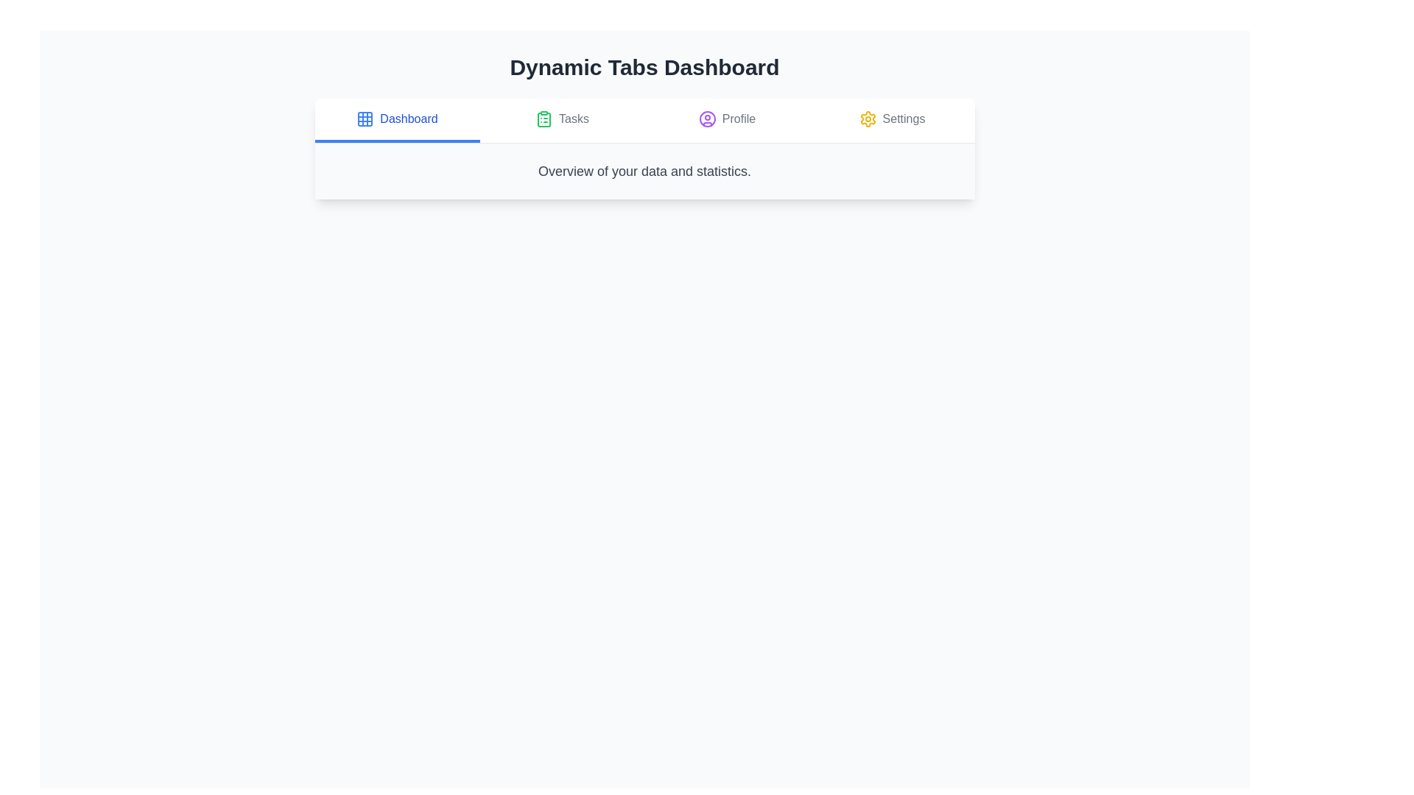  Describe the element at coordinates (868, 119) in the screenshot. I see `the settings icon located at the top right section of the tabbed navigation bar` at that location.